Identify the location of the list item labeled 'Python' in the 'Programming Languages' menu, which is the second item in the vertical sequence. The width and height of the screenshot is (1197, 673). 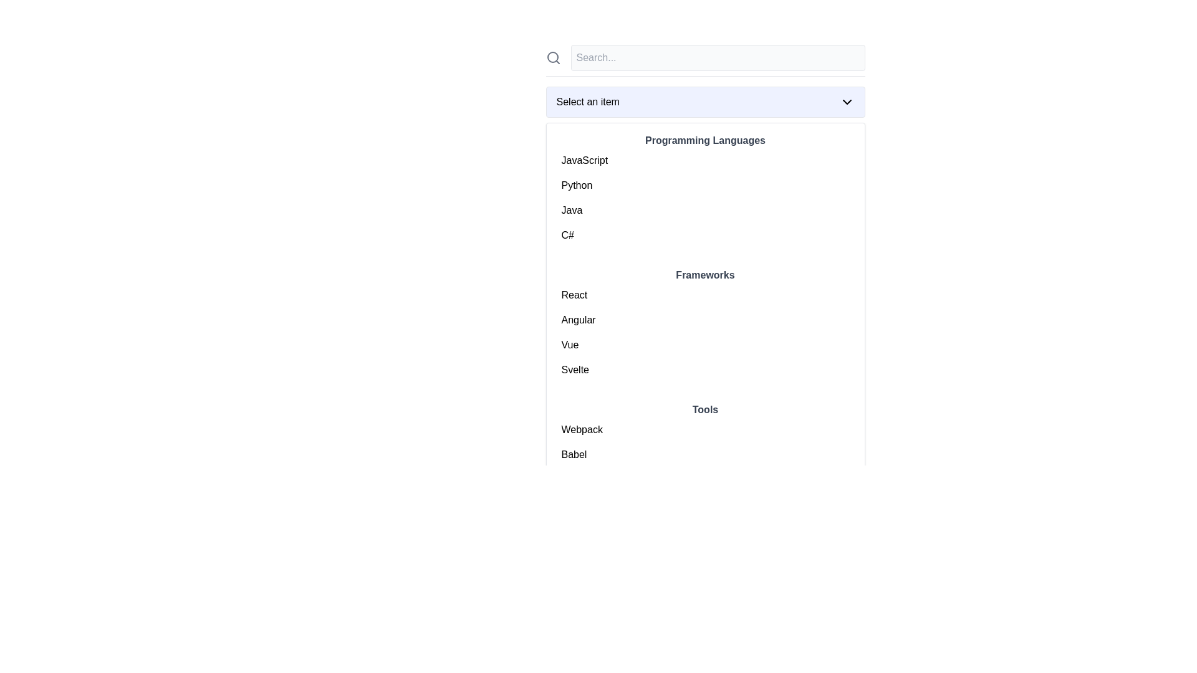
(705, 185).